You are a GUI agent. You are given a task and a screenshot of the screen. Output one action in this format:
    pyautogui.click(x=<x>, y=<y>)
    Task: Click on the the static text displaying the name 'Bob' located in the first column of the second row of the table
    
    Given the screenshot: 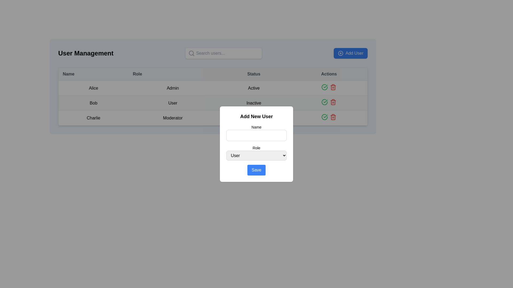 What is the action you would take?
    pyautogui.click(x=93, y=103)
    